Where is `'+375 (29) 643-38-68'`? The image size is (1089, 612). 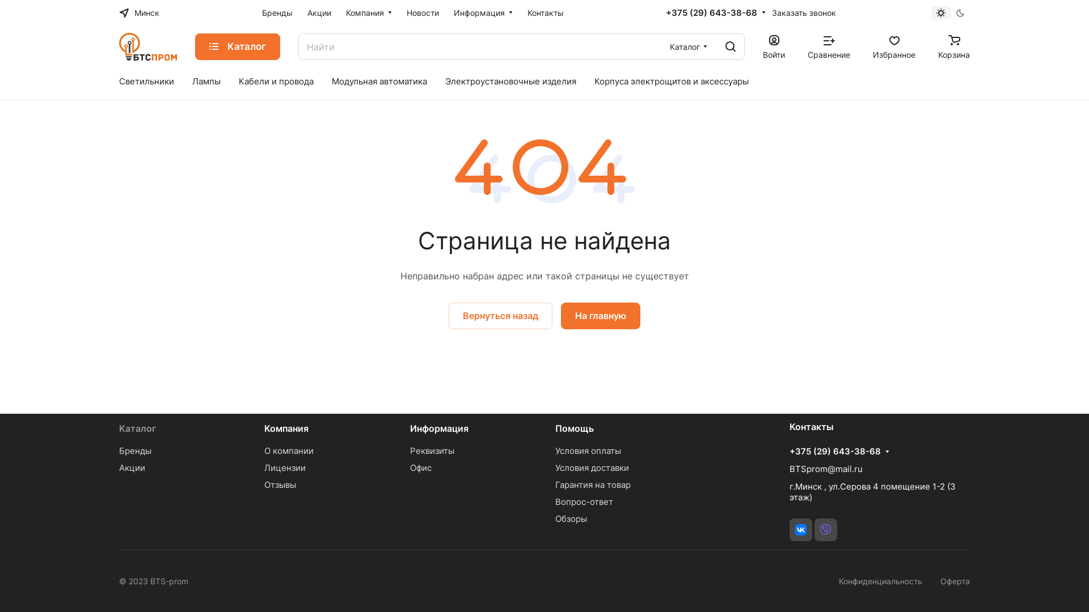 '+375 (29) 643-38-68' is located at coordinates (711, 13).